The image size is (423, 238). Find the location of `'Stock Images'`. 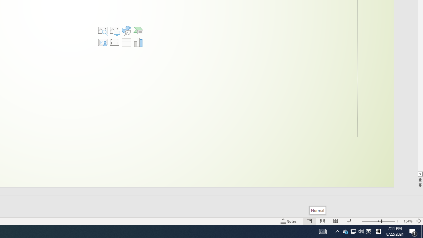

'Stock Images' is located at coordinates (102, 30).